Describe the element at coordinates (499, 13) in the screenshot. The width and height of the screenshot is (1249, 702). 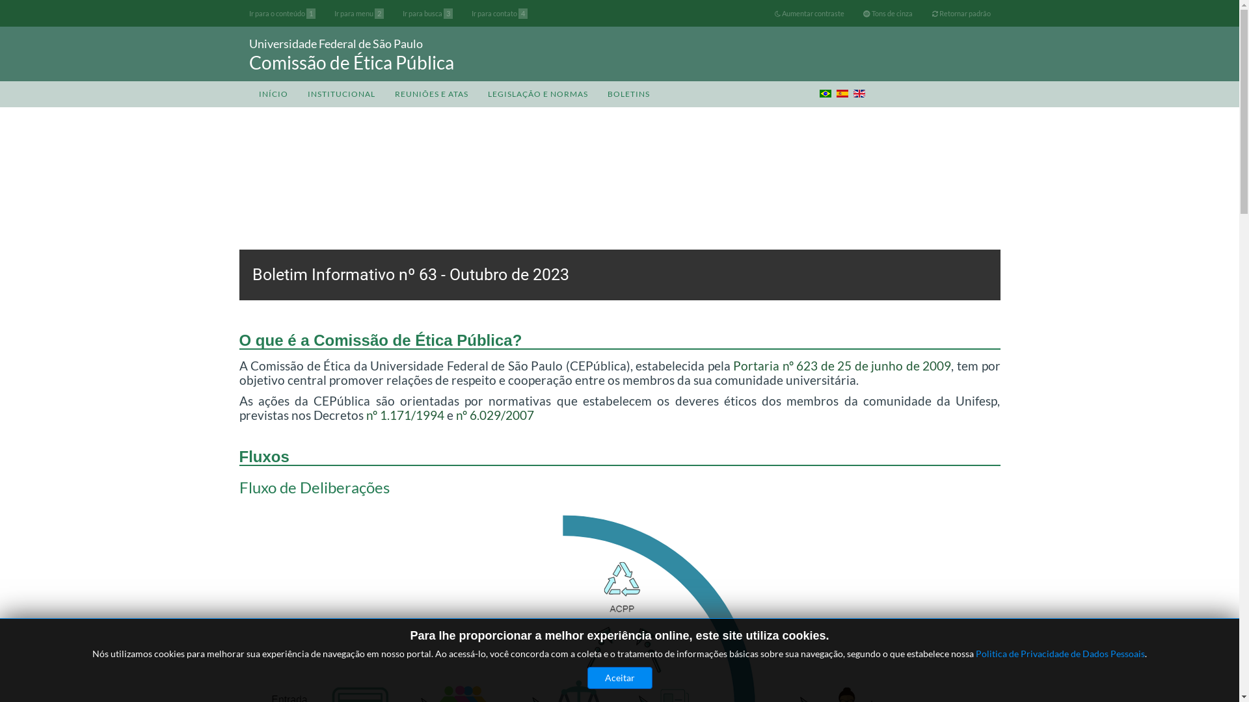
I see `'Ir para contato 4'` at that location.